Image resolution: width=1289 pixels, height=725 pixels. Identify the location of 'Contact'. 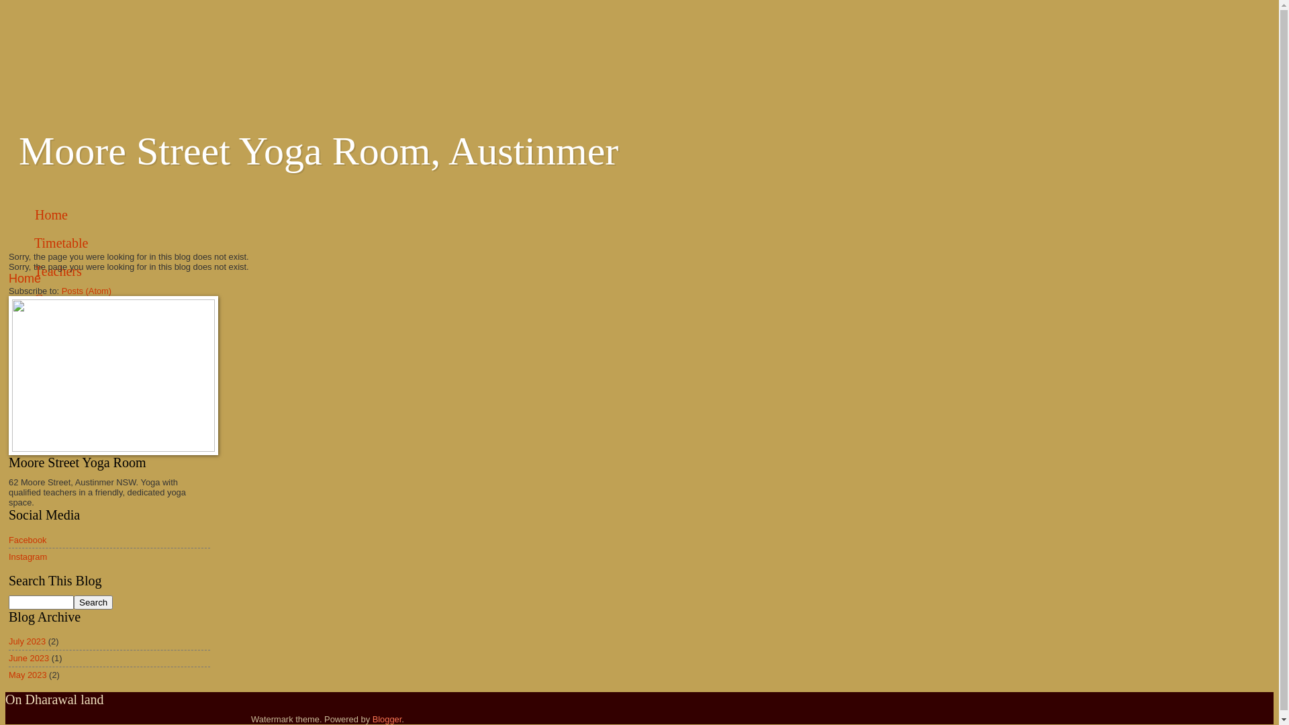
(20, 299).